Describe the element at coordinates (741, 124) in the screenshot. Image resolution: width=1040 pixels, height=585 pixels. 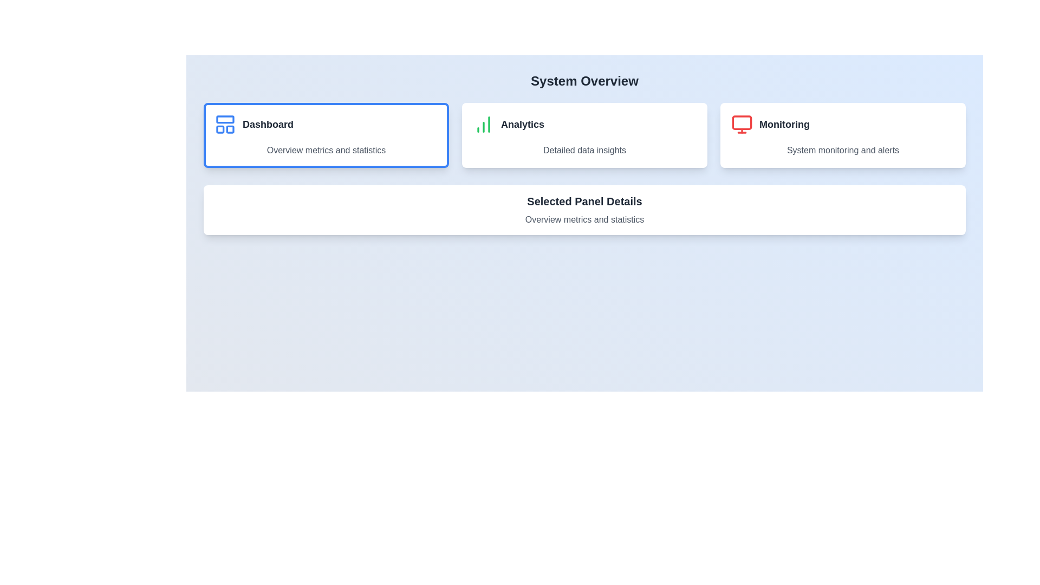
I see `the icon located on the right side of the second panel row labeled 'Monitoring' in the 'System Overview' section` at that location.